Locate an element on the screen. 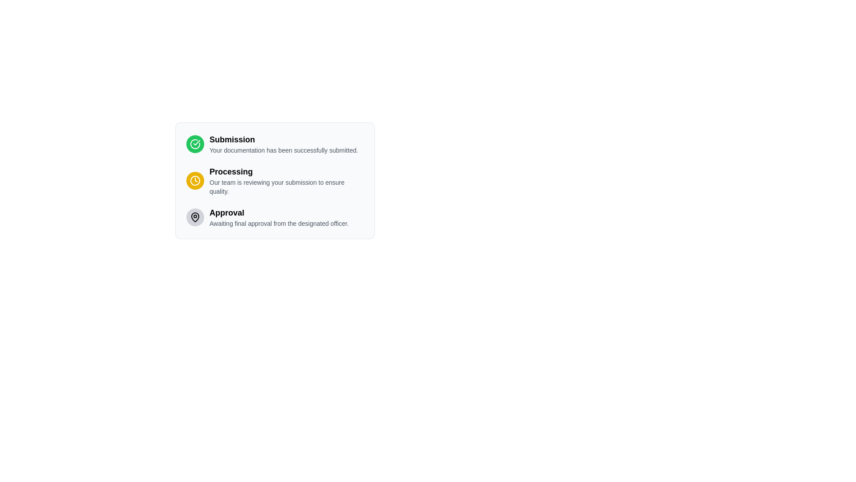  the 'Processing' status icon, which is styled with a yellow circular background and is located within the 'Processing' step of the card layout is located at coordinates (194, 181).